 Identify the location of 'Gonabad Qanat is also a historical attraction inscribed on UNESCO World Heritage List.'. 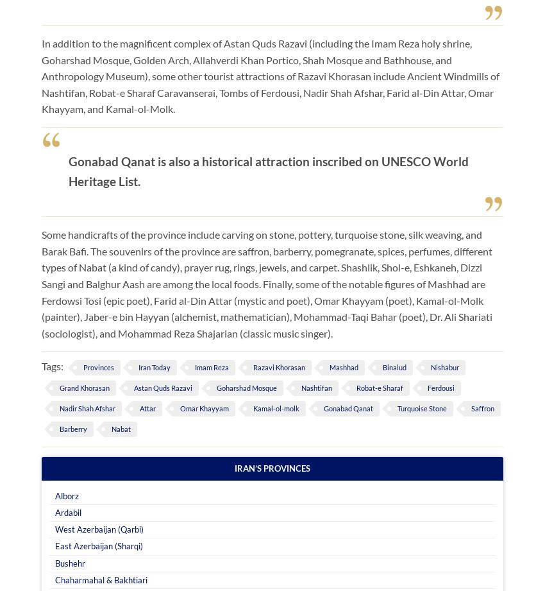
(68, 170).